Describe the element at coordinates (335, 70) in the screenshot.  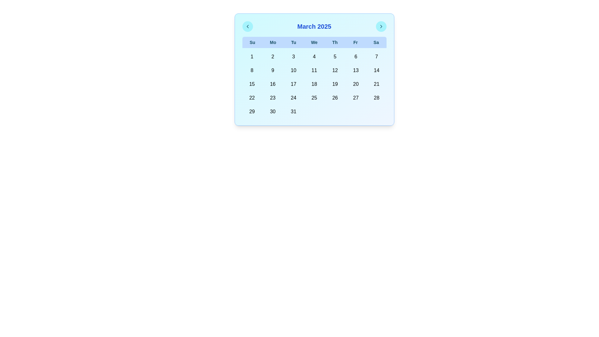
I see `the selectable date button representing the 12th day in the calendar component` at that location.